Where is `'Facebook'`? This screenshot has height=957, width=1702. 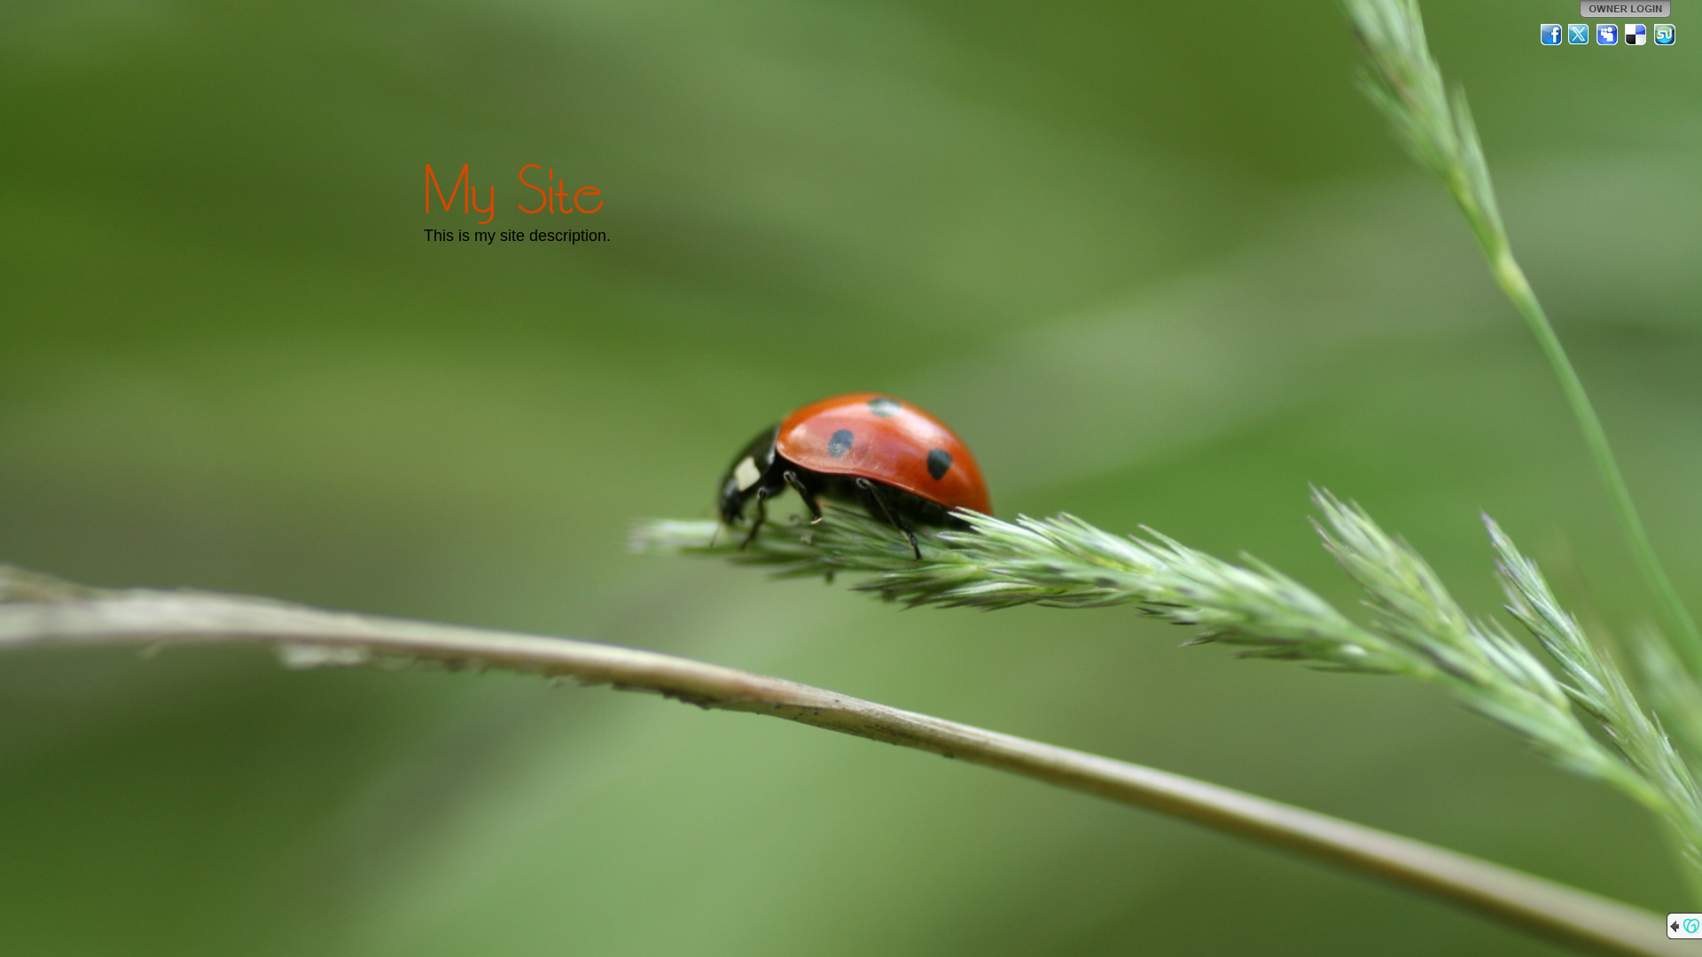 'Facebook' is located at coordinates (1550, 34).